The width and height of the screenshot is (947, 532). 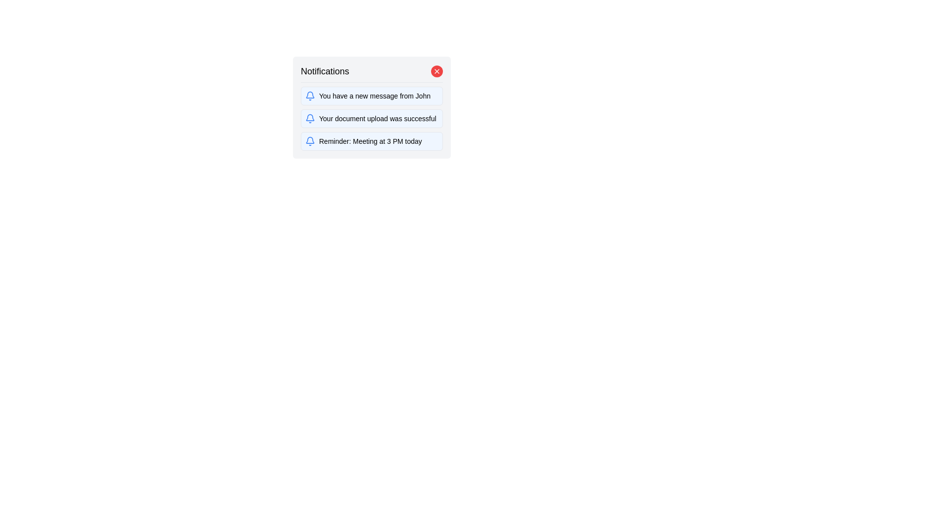 I want to click on the bell-shaped notification icon with blue stylings, which is positioned to the left of the message stating 'You have a new message from John', so click(x=309, y=96).